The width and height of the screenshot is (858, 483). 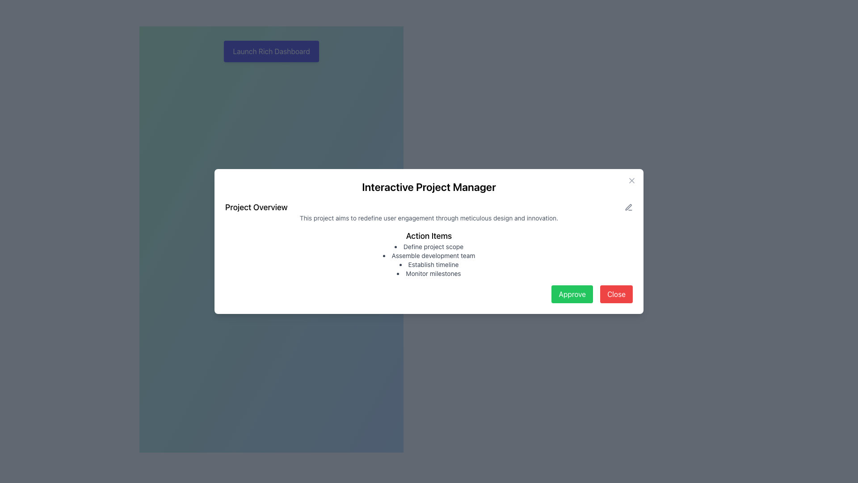 What do you see at coordinates (271, 51) in the screenshot?
I see `the primary action button located above the 'Interactive Project Manager' modal to observe its hover effects` at bounding box center [271, 51].